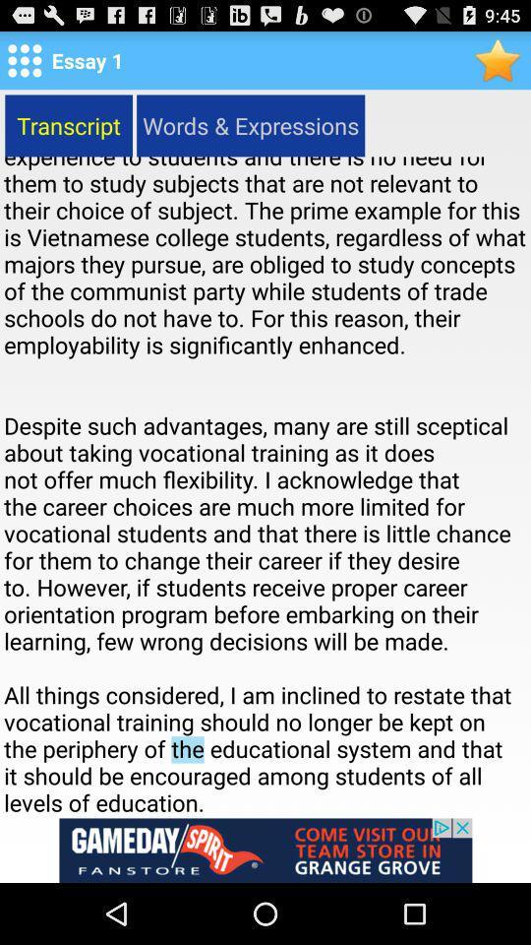 The image size is (531, 945). What do you see at coordinates (499, 60) in the screenshot?
I see `rating` at bounding box center [499, 60].